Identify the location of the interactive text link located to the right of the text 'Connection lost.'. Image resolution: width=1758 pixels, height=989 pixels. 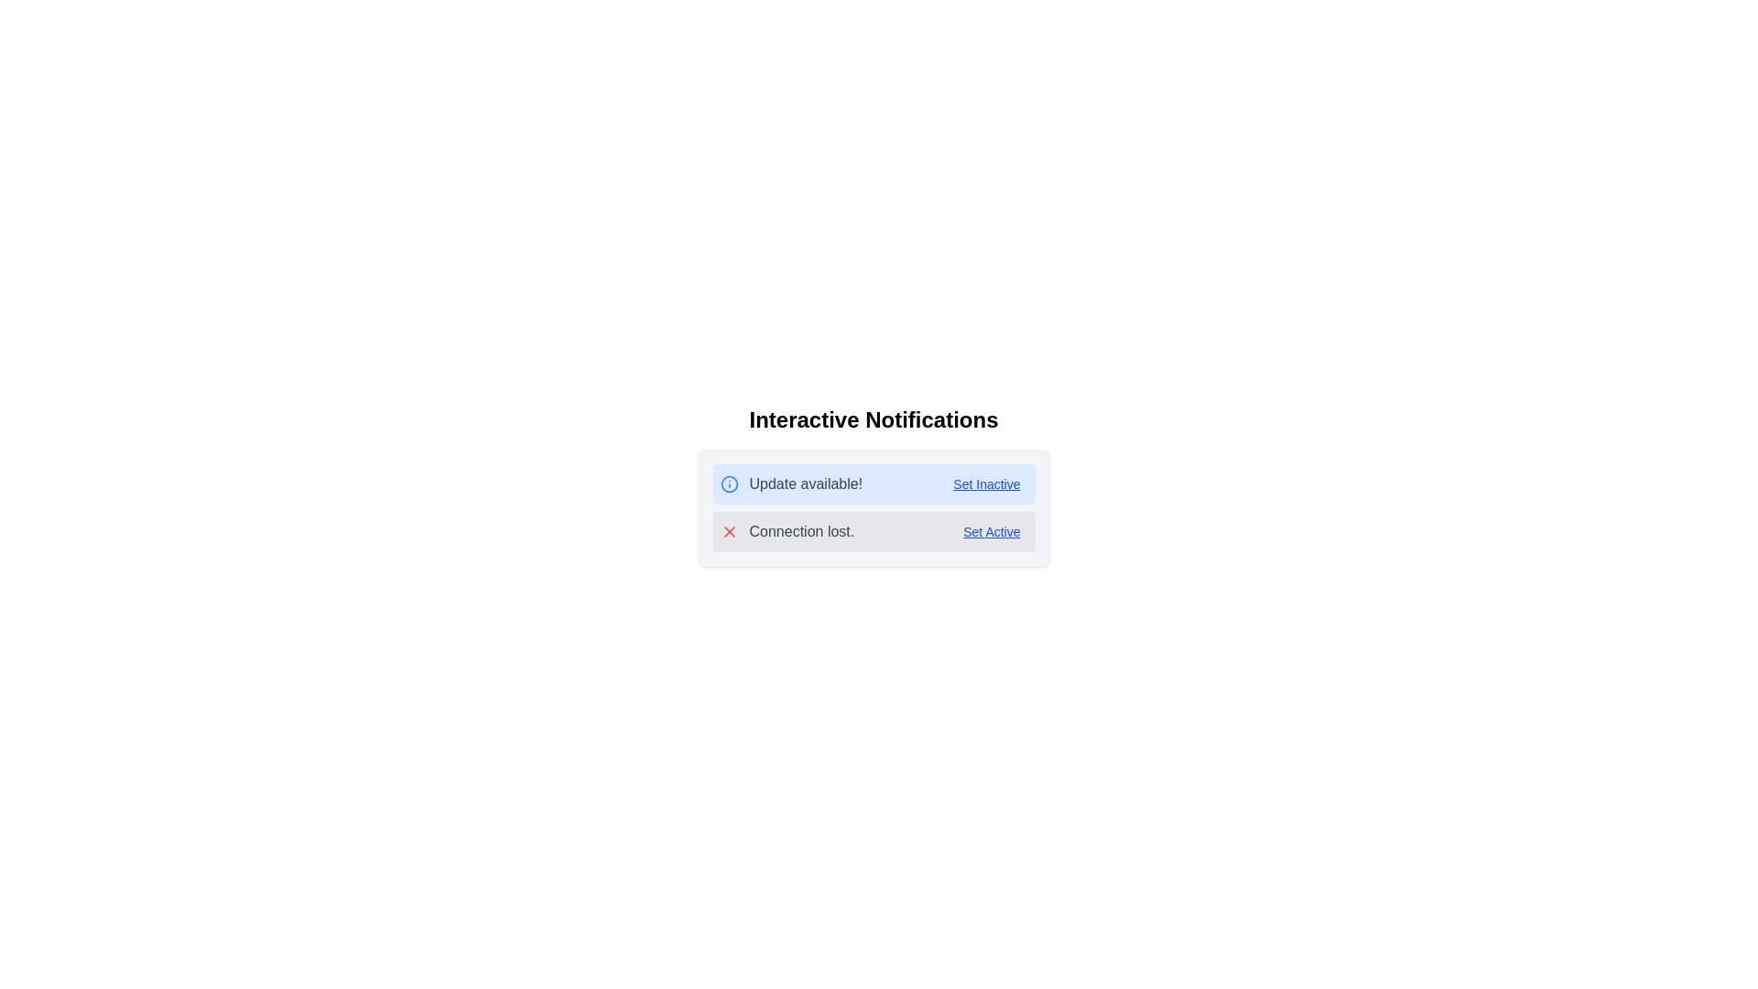
(991, 532).